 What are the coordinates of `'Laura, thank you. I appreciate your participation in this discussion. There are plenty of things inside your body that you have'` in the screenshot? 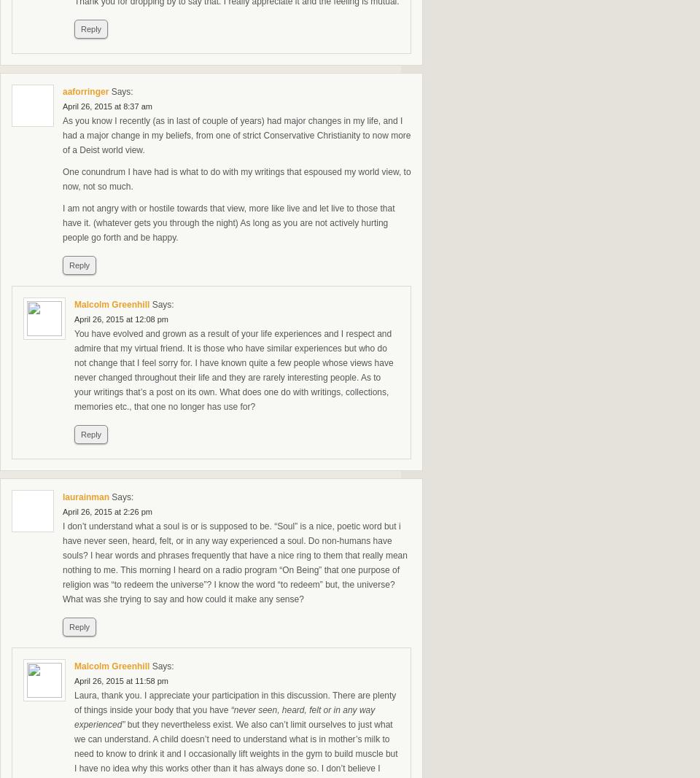 It's located at (235, 703).